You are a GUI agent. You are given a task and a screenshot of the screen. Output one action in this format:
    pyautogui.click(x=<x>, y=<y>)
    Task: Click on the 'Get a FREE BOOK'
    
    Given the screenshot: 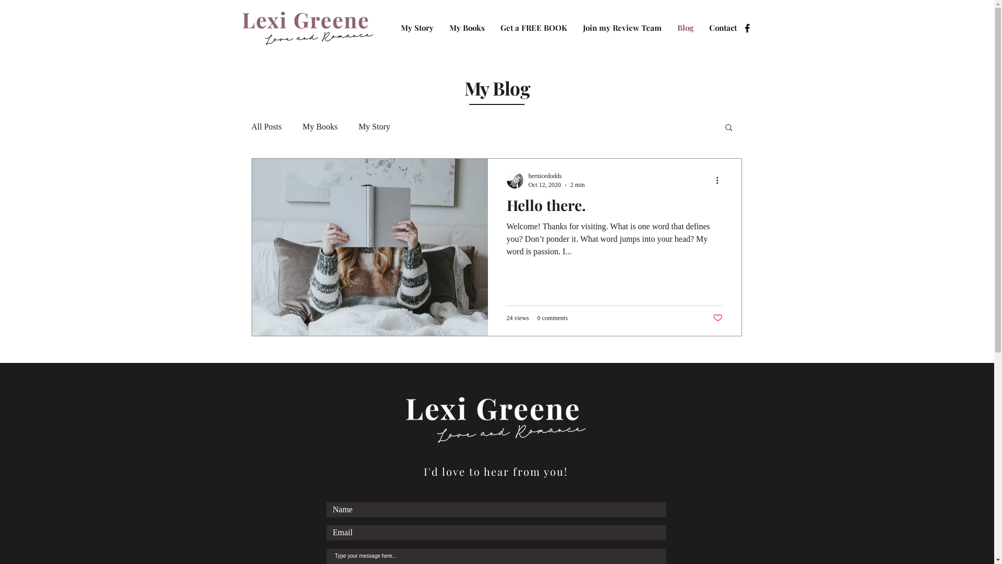 What is the action you would take?
    pyautogui.click(x=533, y=27)
    